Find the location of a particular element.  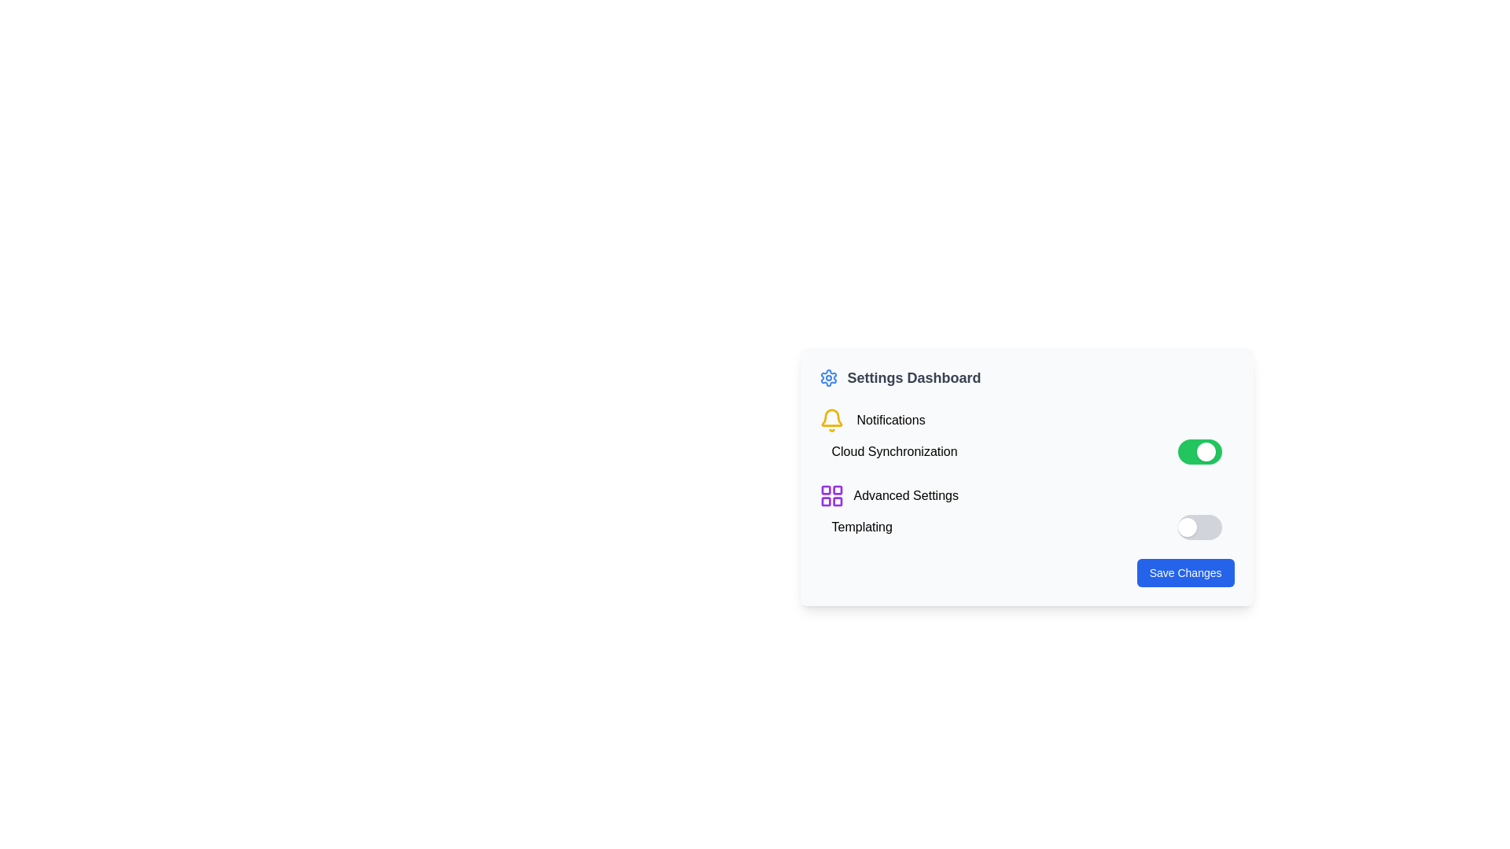

the purple grid icon located to the left of the label 'Advanced Settings' in the third row of the menu items in the settings panel is located at coordinates (830, 496).